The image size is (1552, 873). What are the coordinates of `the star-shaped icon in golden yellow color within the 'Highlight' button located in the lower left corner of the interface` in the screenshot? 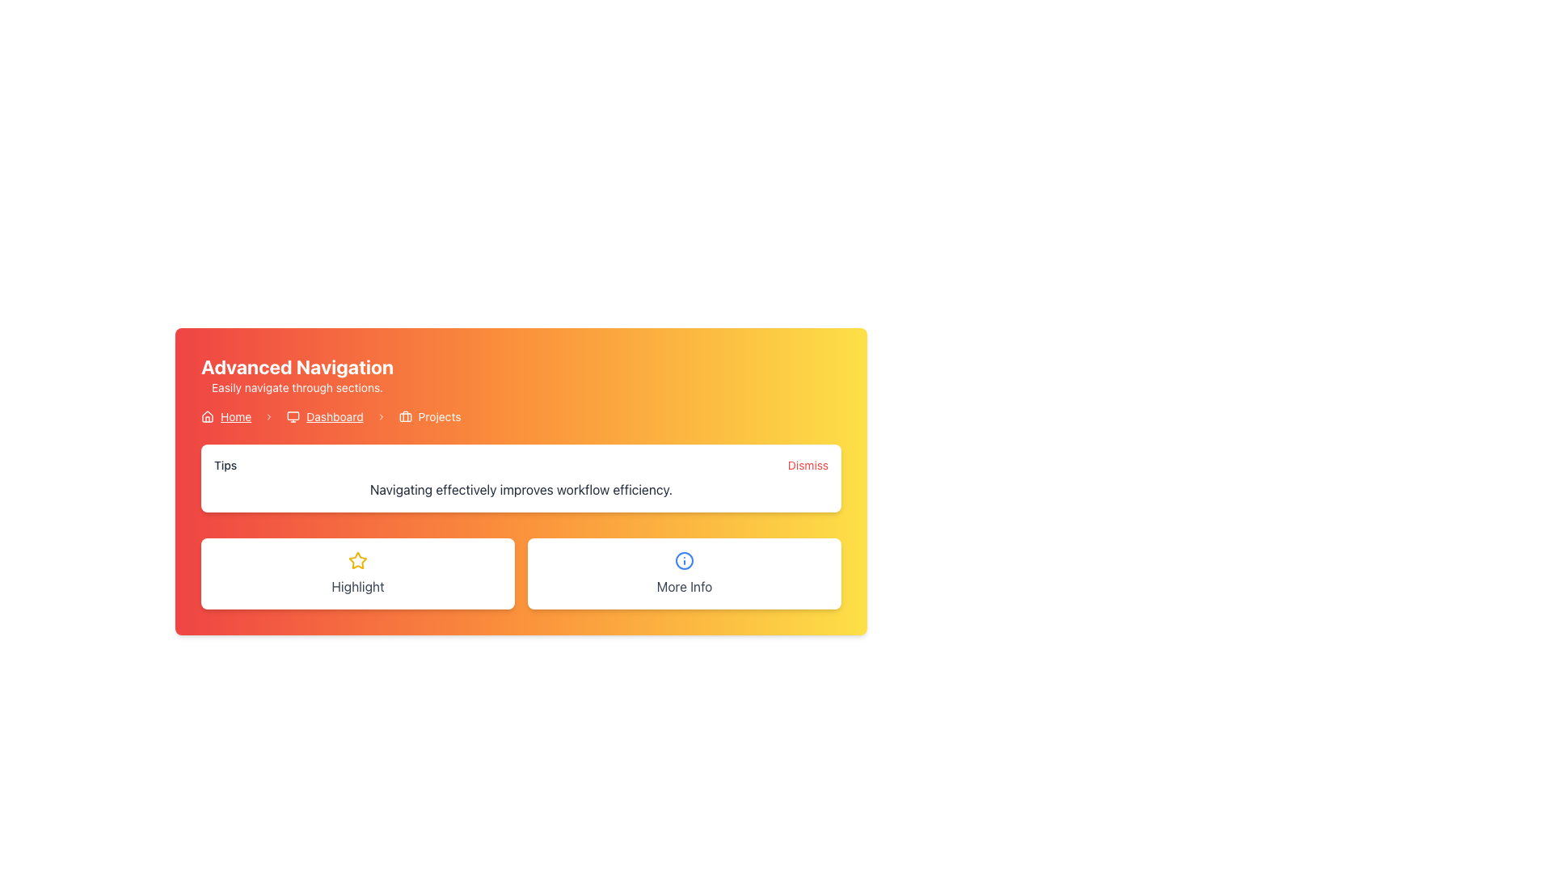 It's located at (356, 559).